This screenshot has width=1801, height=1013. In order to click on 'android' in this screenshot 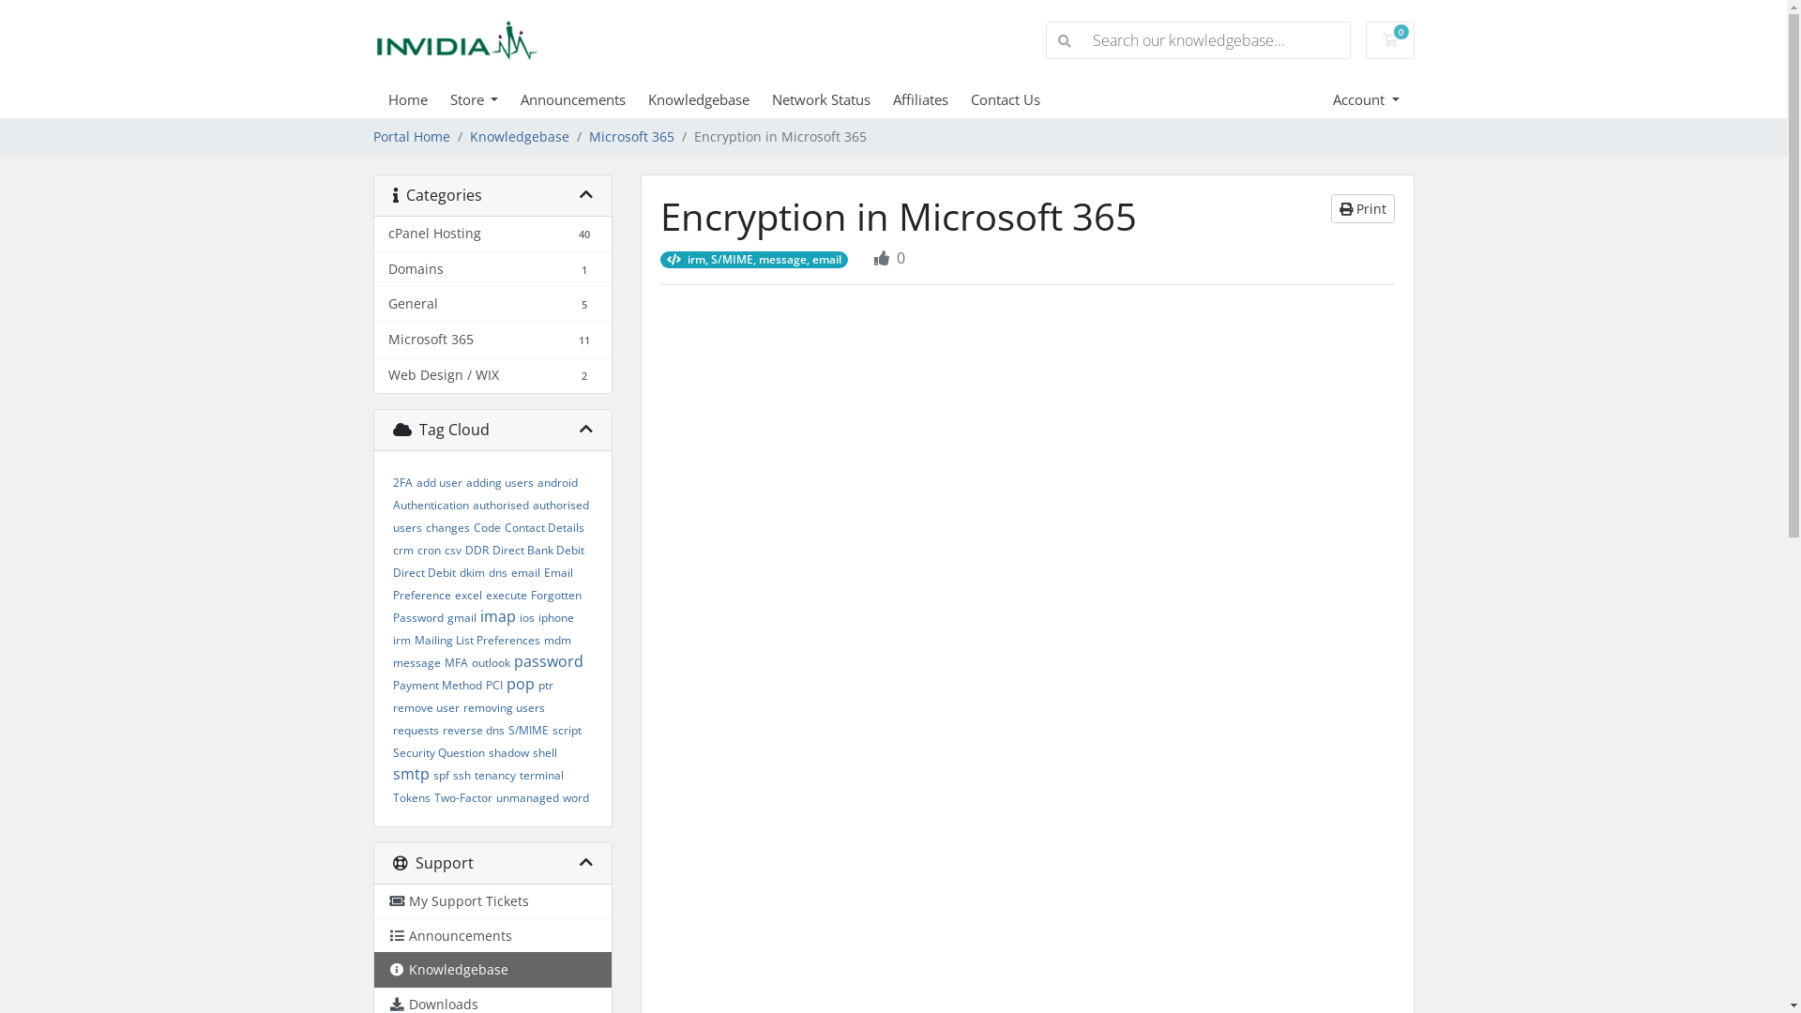, I will do `click(555, 481)`.